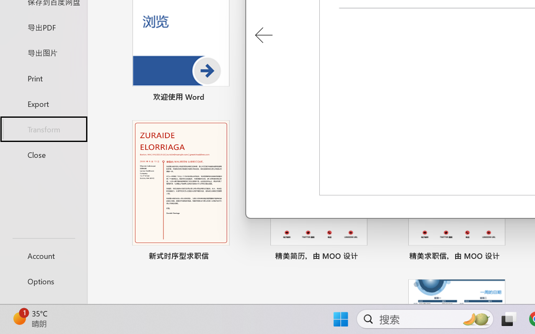  I want to click on 'Export', so click(43, 103).